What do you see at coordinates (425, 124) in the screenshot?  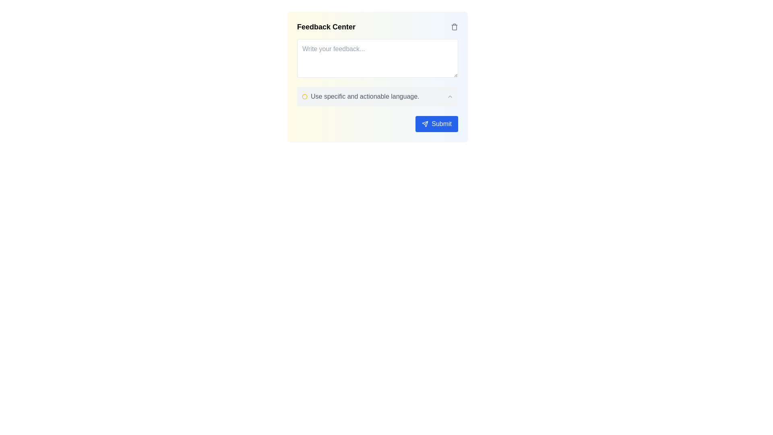 I see `the 'Submit' button which contains a Decorative SVG icon resembling a paper airplane, located in the lower-right portion of the interface` at bounding box center [425, 124].